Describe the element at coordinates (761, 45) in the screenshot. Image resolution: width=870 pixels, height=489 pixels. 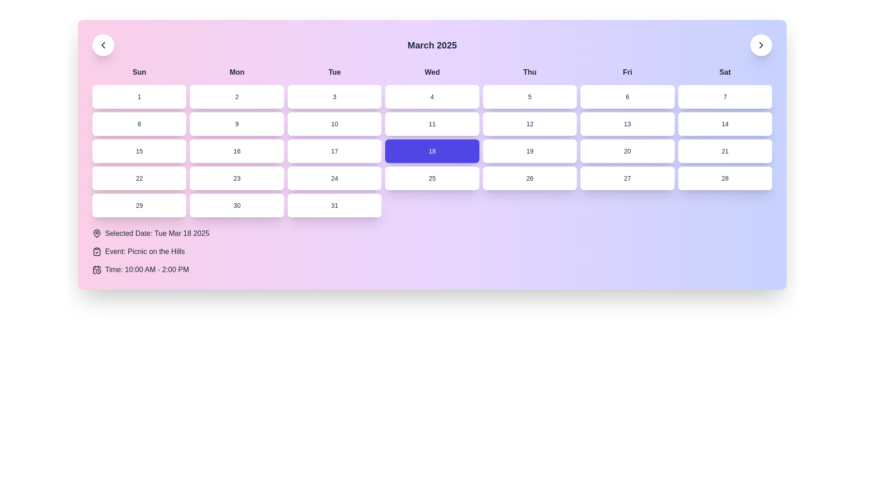
I see `the chevron icon embedded within the circular button in the top-right corner of the calendar interface` at that location.